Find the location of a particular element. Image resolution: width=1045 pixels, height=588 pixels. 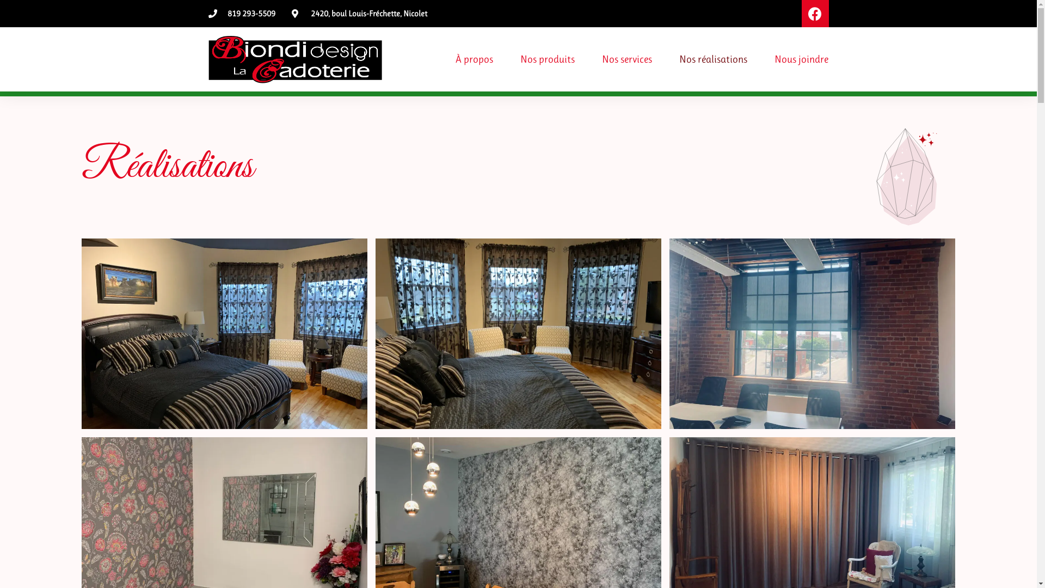

'Nous joindre' is located at coordinates (801, 59).